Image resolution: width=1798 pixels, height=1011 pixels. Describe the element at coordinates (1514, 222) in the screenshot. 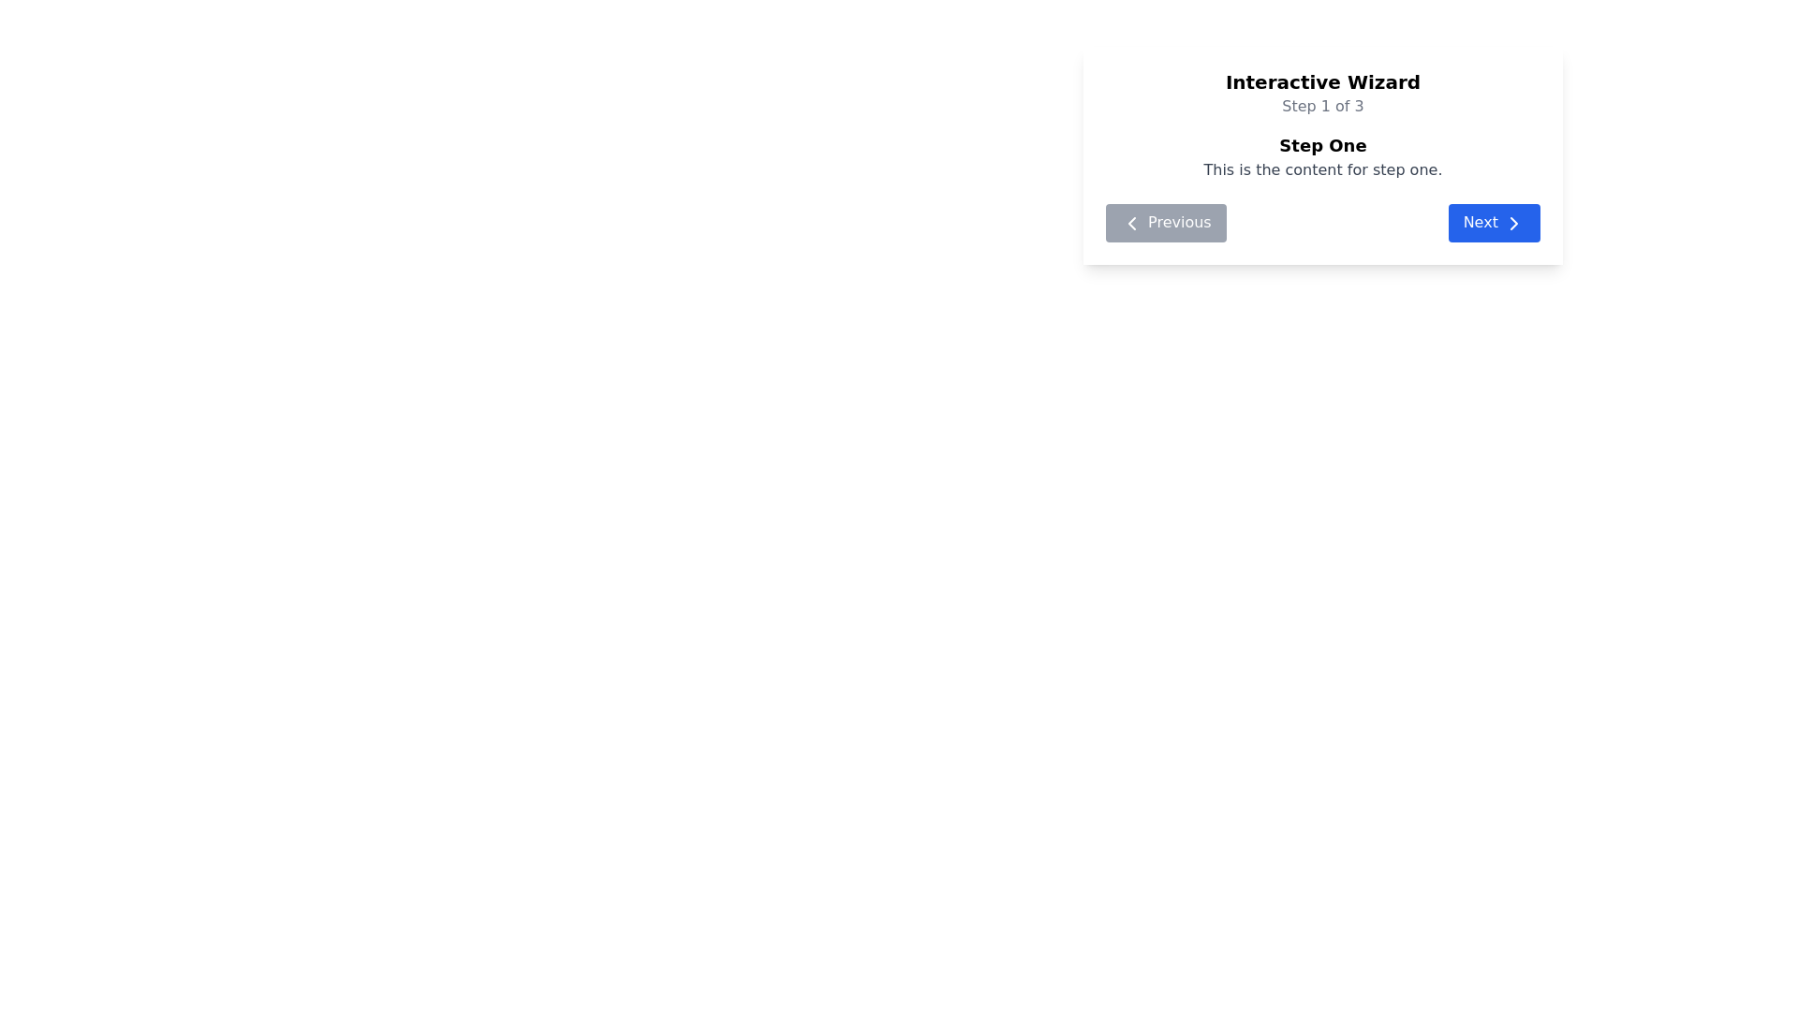

I see `the rightward navigational arrow within the SVG element of the 'Next' button in the wizard interface` at that location.